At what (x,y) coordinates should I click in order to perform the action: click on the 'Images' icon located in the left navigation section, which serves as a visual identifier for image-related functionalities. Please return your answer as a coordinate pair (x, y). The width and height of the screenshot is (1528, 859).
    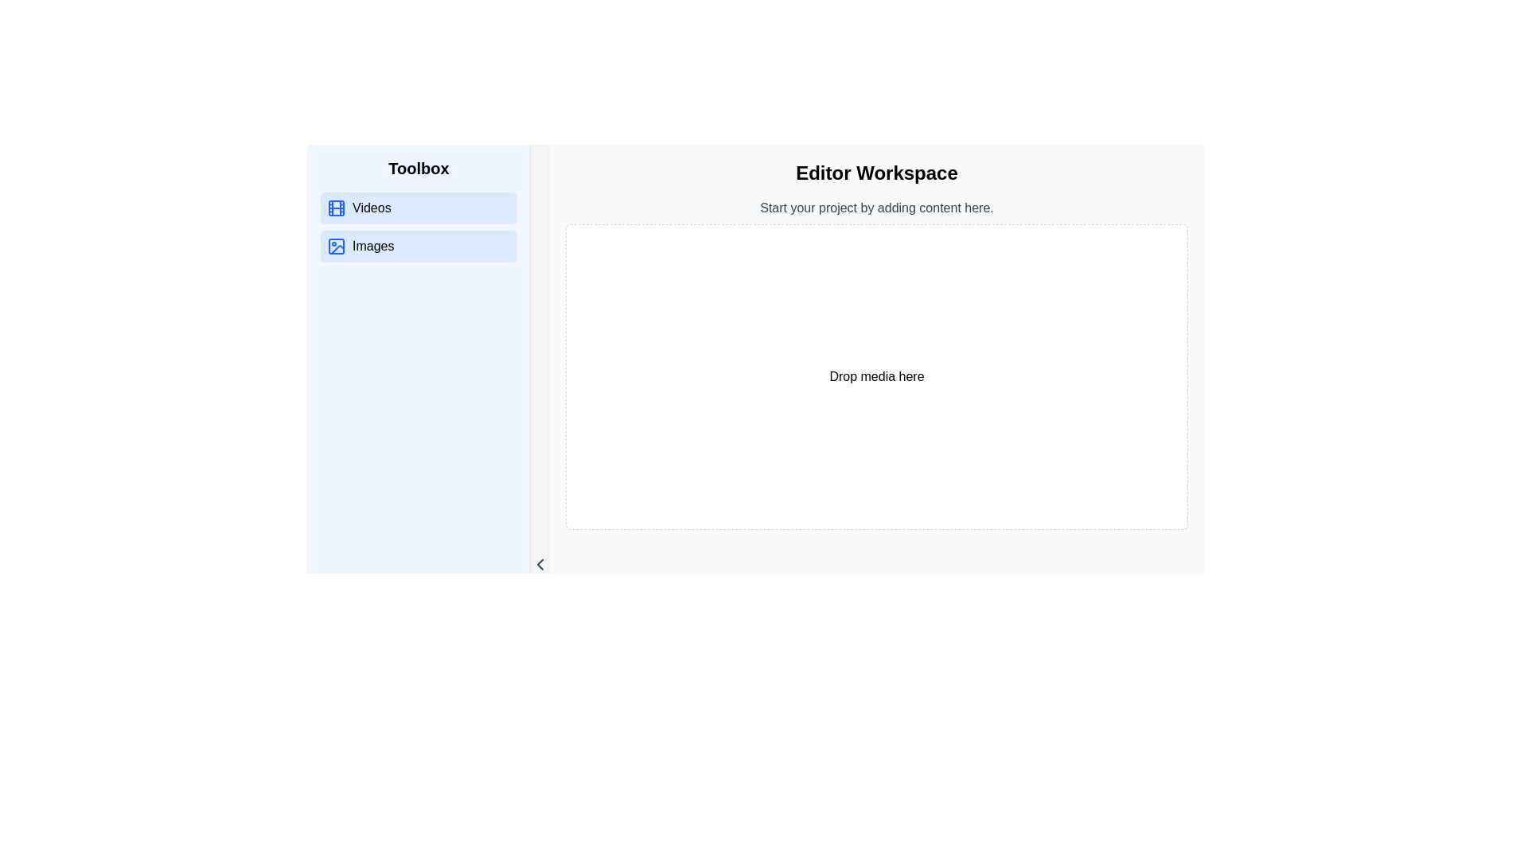
    Looking at the image, I should click on (335, 246).